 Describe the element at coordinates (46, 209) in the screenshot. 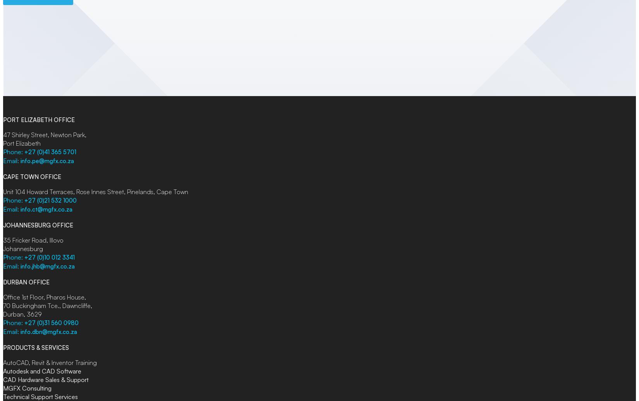

I see `'info.ct@mgfx.co.za'` at that location.